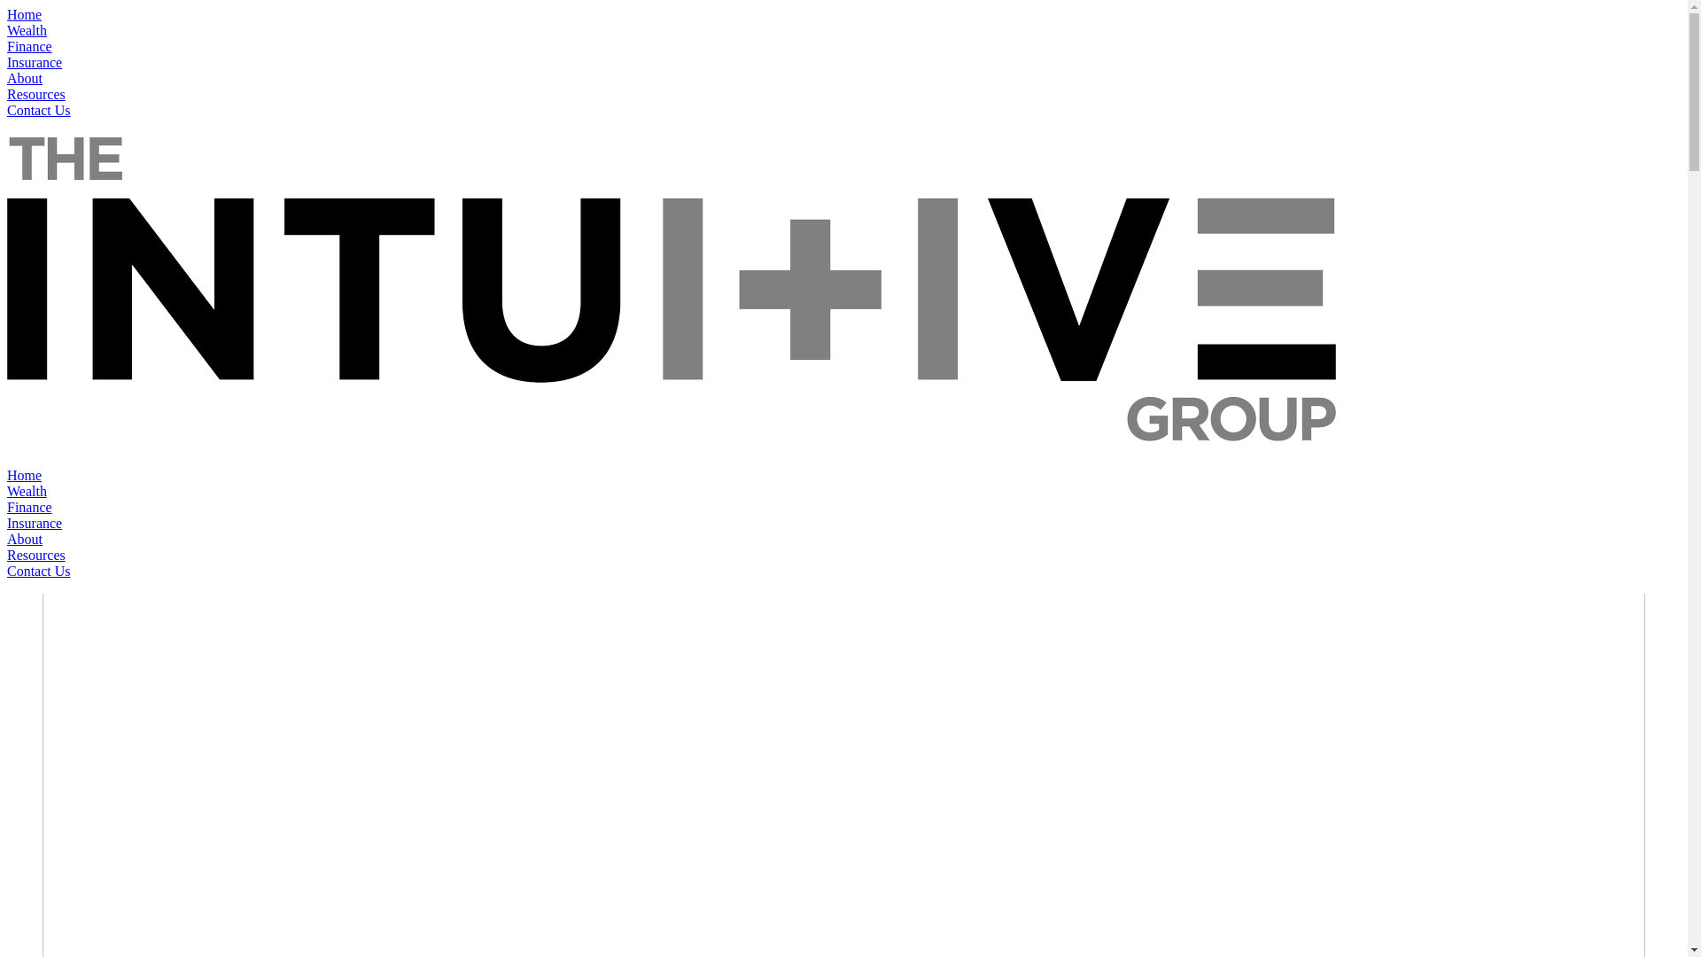 This screenshot has width=1701, height=957. What do you see at coordinates (25, 538) in the screenshot?
I see `'About'` at bounding box center [25, 538].